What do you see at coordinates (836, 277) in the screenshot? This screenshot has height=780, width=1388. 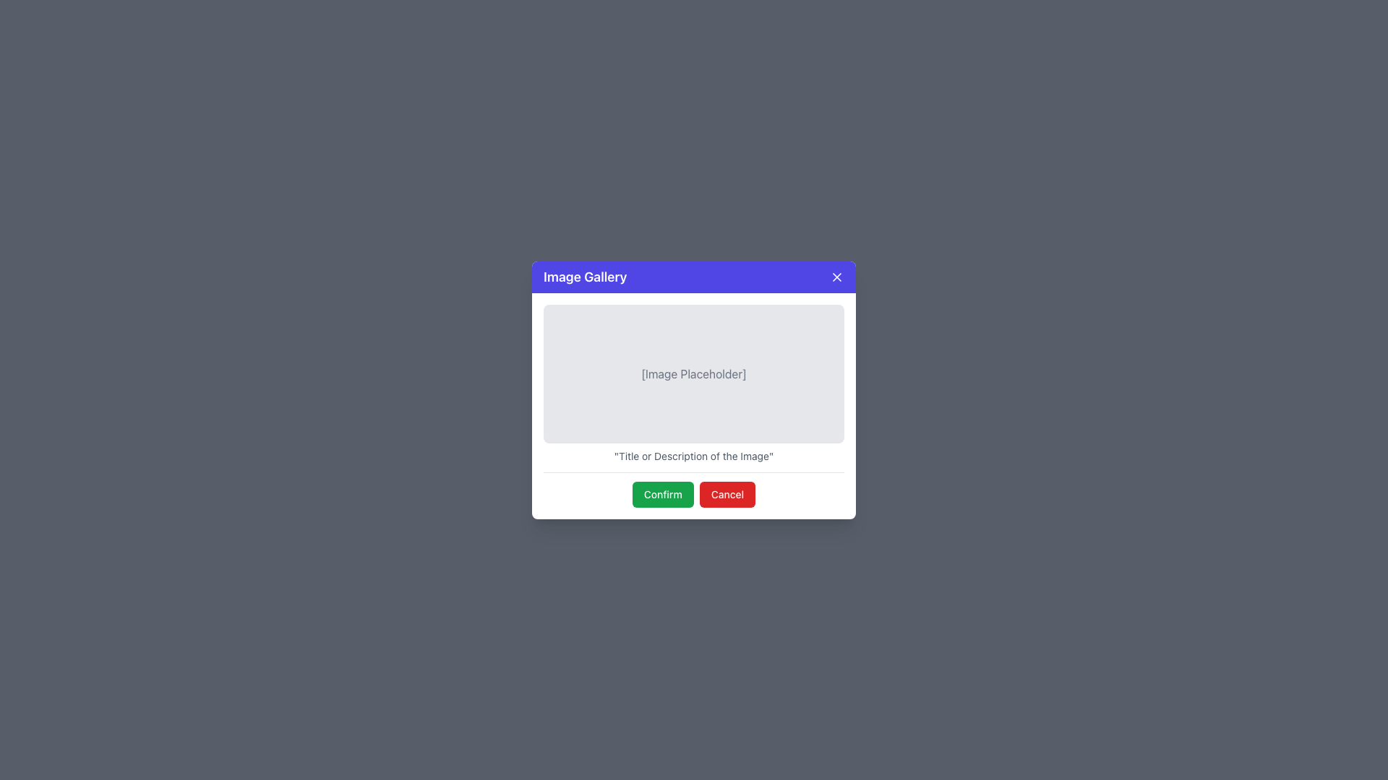 I see `the close button located in the top-right corner of the modal header titled 'Image Gallery'` at bounding box center [836, 277].